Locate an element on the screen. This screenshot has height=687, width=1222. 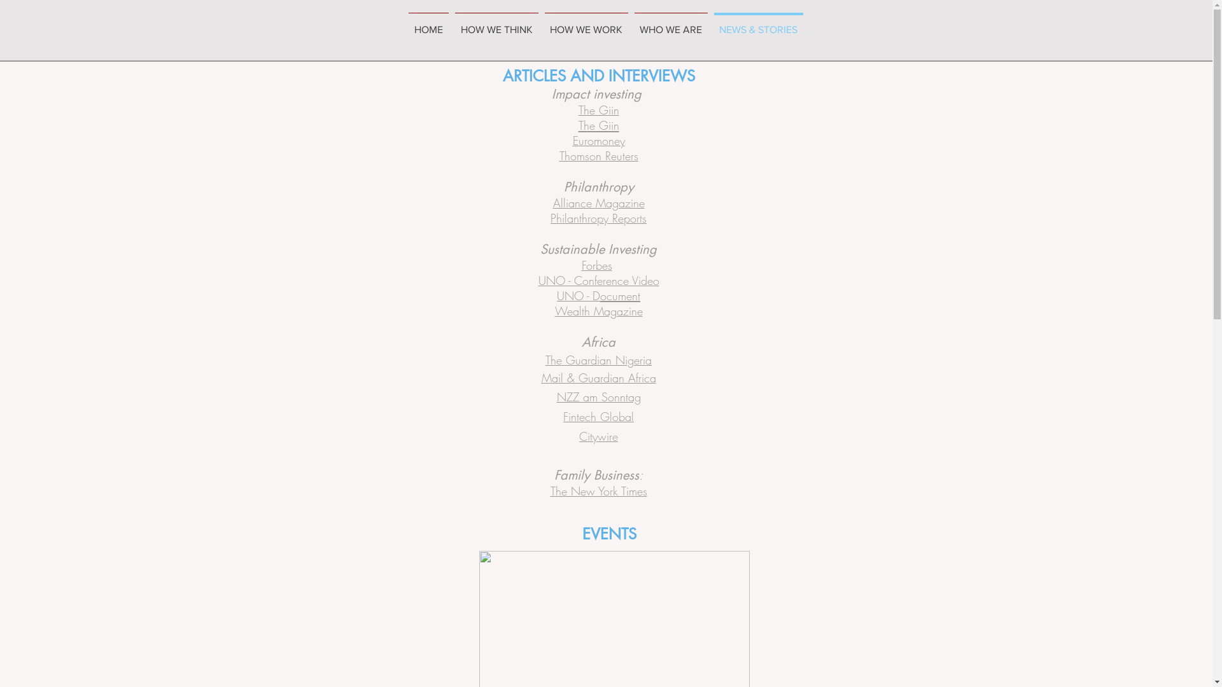
'The Giin' is located at coordinates (598, 125).